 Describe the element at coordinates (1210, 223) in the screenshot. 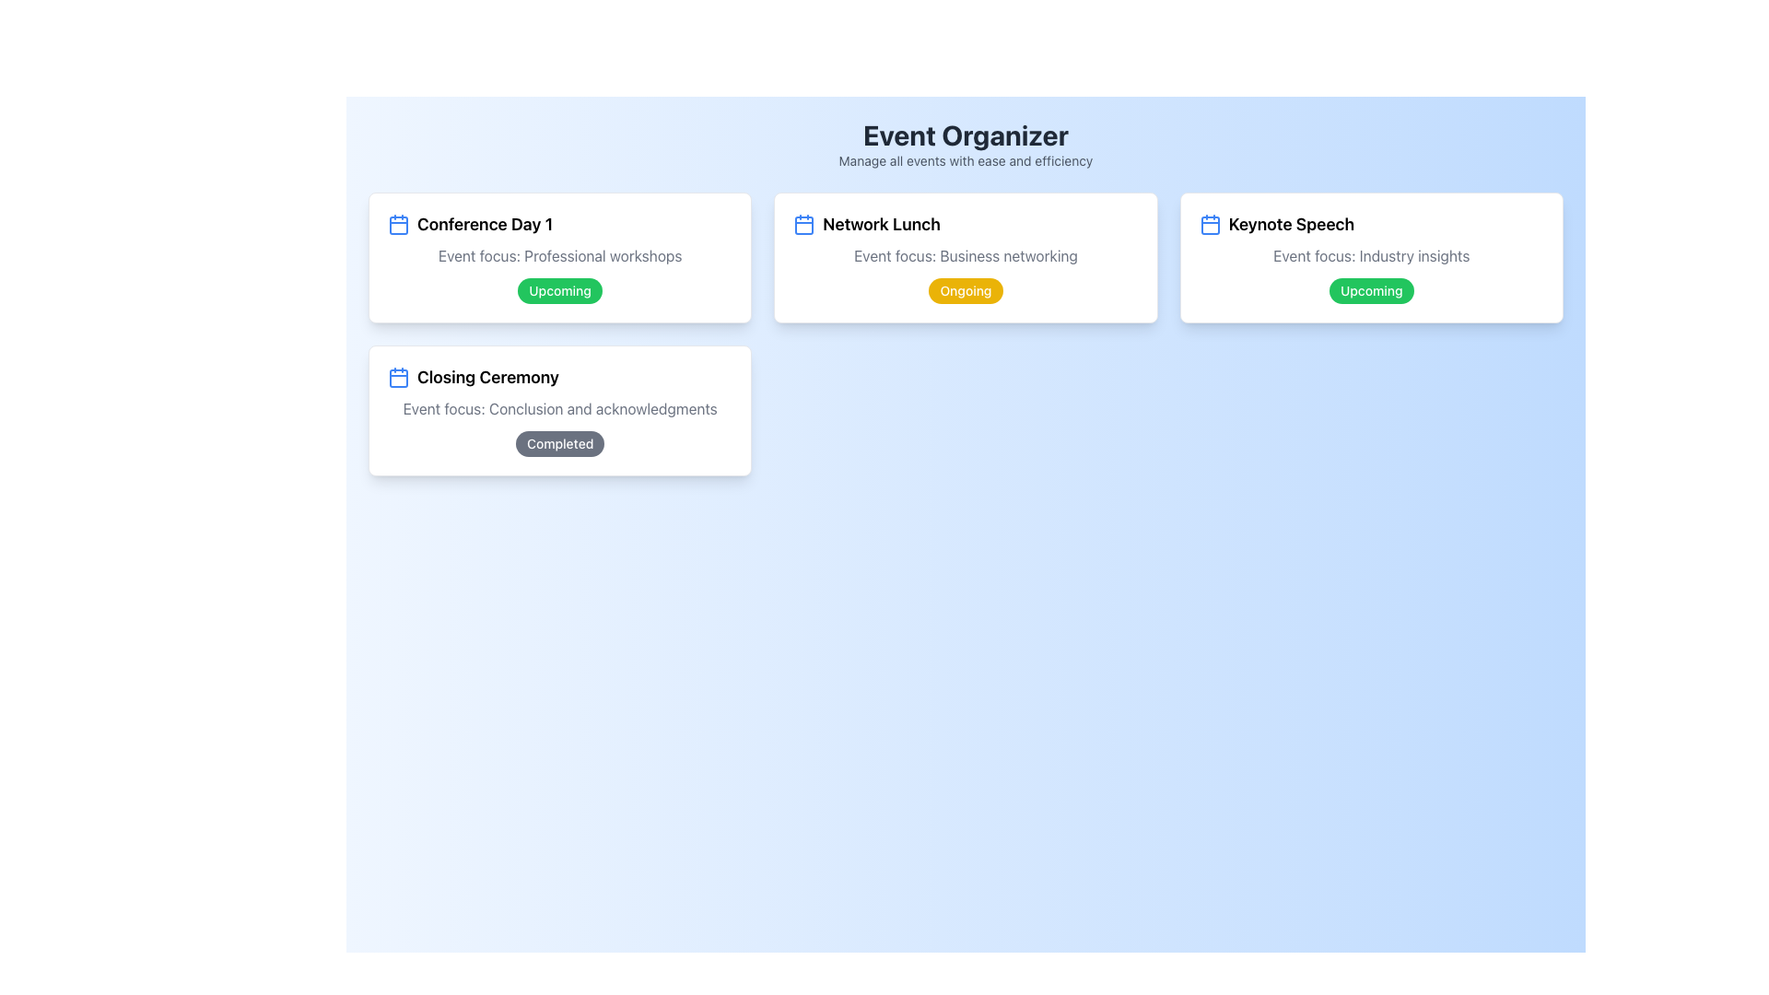

I see `the calendar icon located at the top right corner of the 'Keynote Speech' event card, which visually represents the event's schedule` at that location.